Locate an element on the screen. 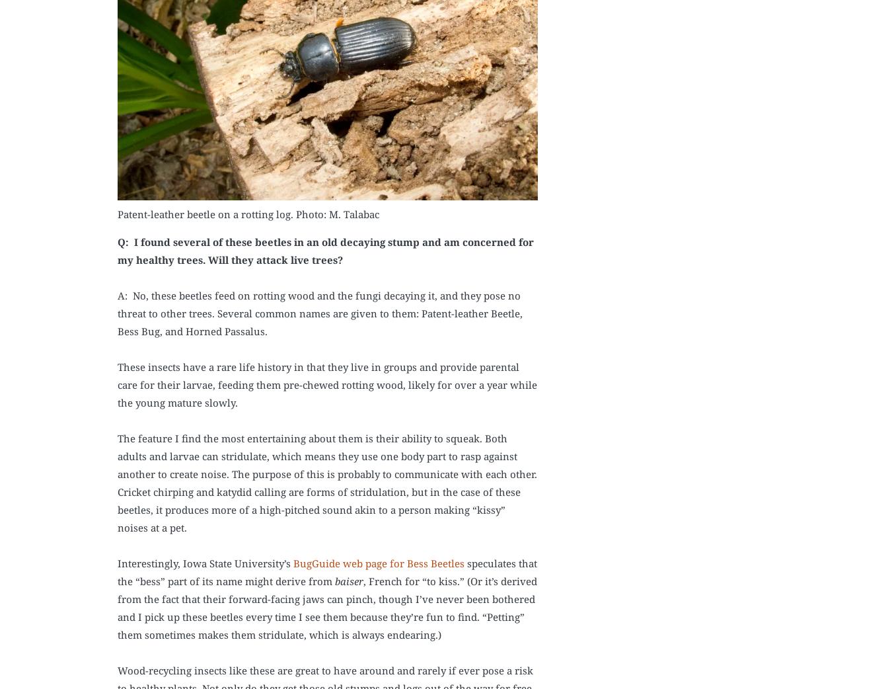 Image resolution: width=892 pixels, height=689 pixels. 'Q:  I found several of these beetles in an old decaying stump and am concerned for my healthy trees. Will they attack live trees?' is located at coordinates (325, 249).